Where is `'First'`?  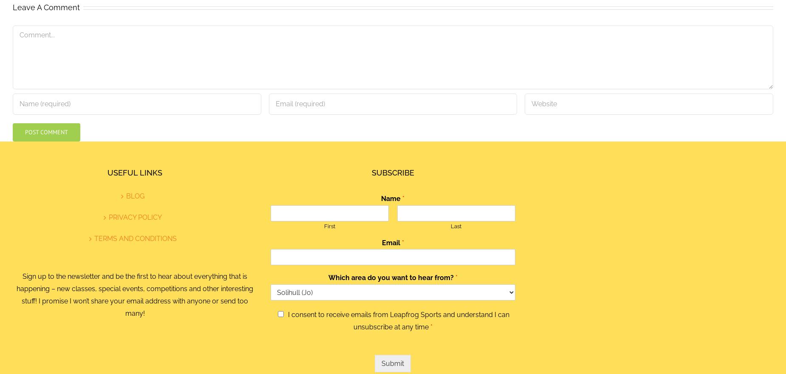 'First' is located at coordinates (330, 225).